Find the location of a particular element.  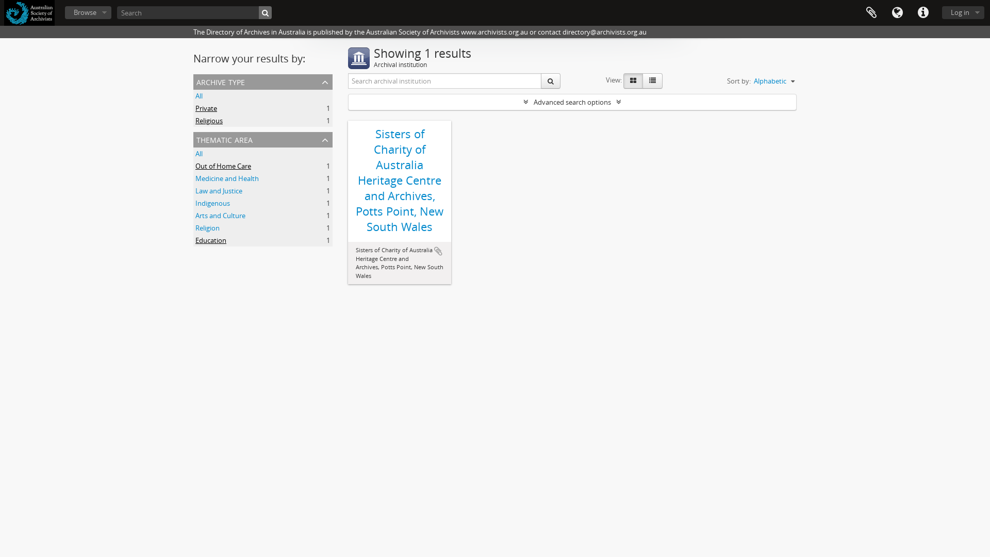

'Indigenous' is located at coordinates (212, 203).